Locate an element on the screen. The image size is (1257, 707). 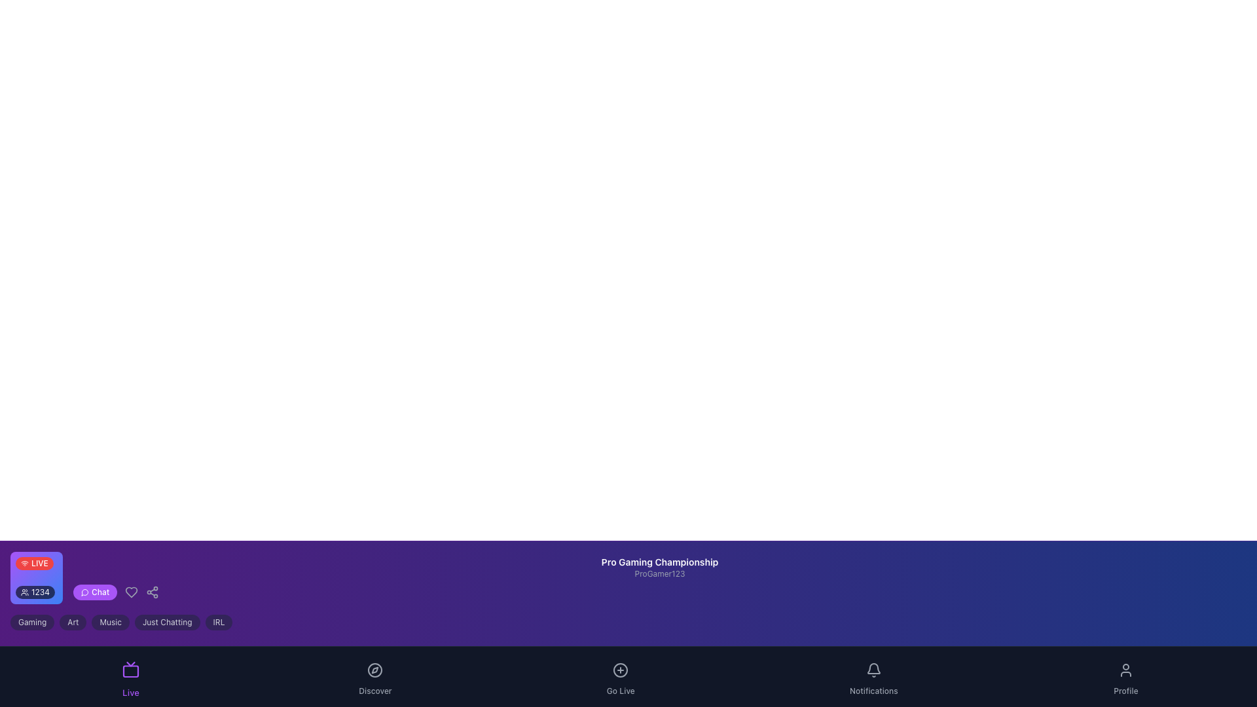
the 'Discover' navigation button located in the bottom navigation bar, which is the second clickable item from the left, positioned between the 'Live' and 'Go Live' items is located at coordinates (374, 676).